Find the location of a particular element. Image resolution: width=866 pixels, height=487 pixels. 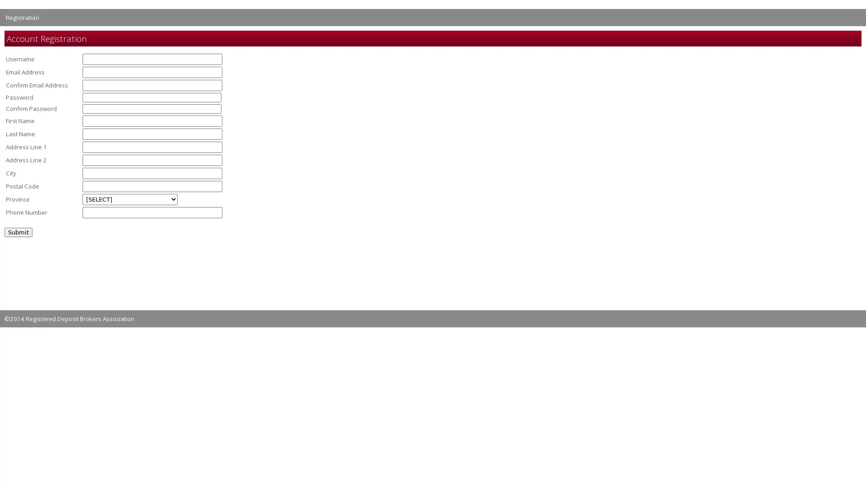

Submit is located at coordinates (18, 231).